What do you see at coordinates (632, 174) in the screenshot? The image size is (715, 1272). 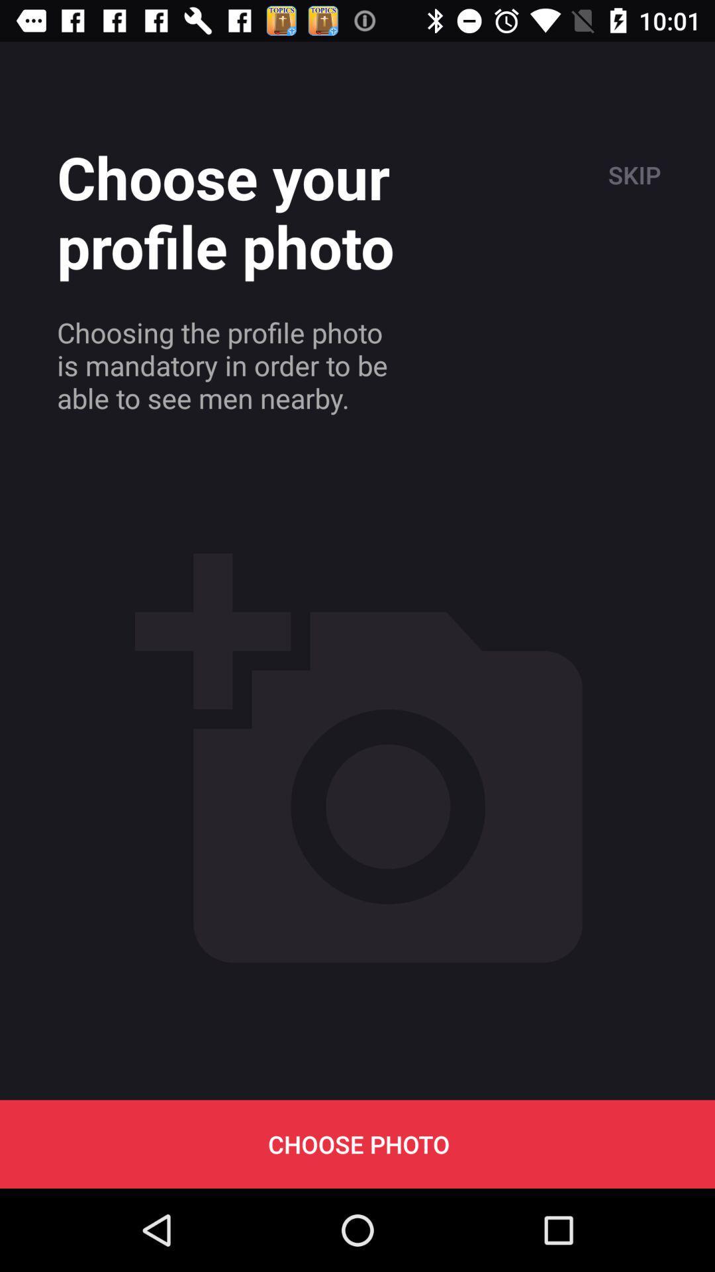 I see `the item next to the choose your profile icon` at bounding box center [632, 174].